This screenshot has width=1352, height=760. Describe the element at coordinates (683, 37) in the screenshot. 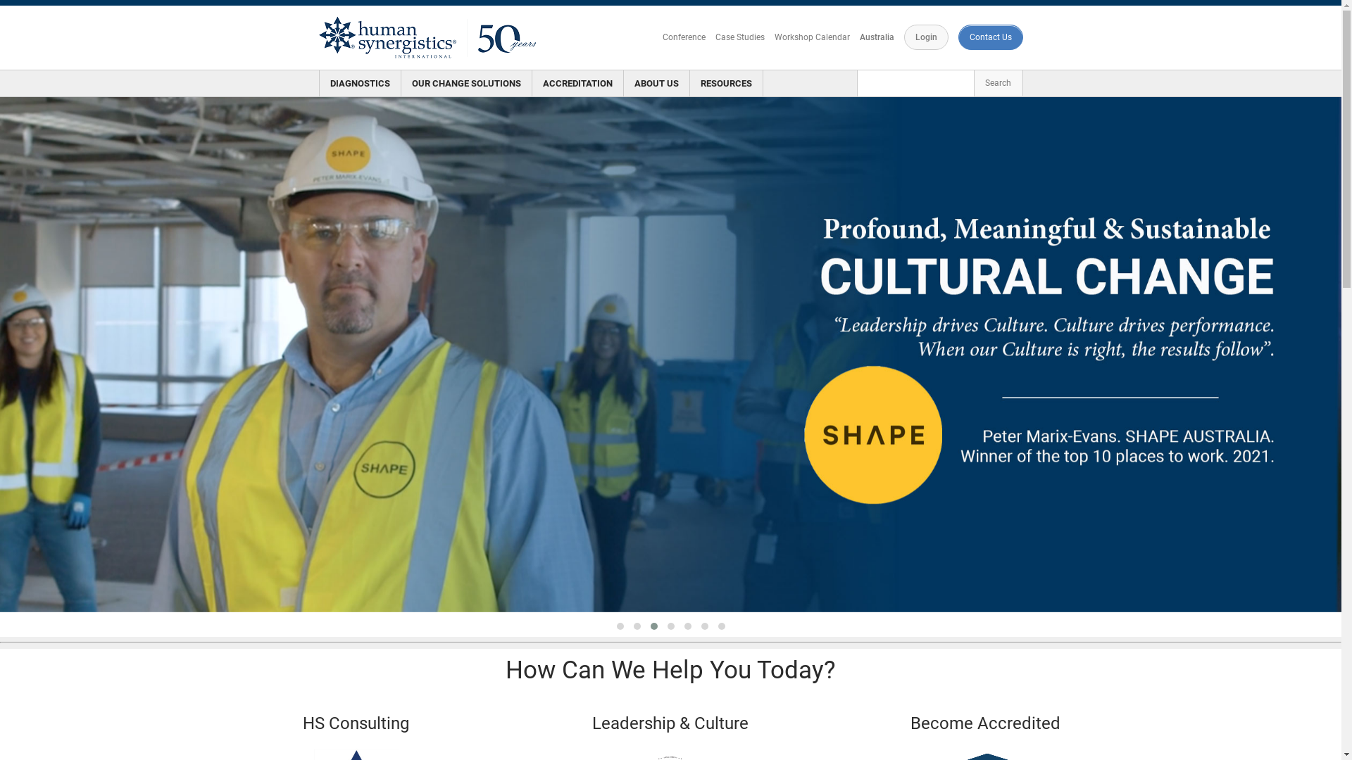

I see `'Conference'` at that location.